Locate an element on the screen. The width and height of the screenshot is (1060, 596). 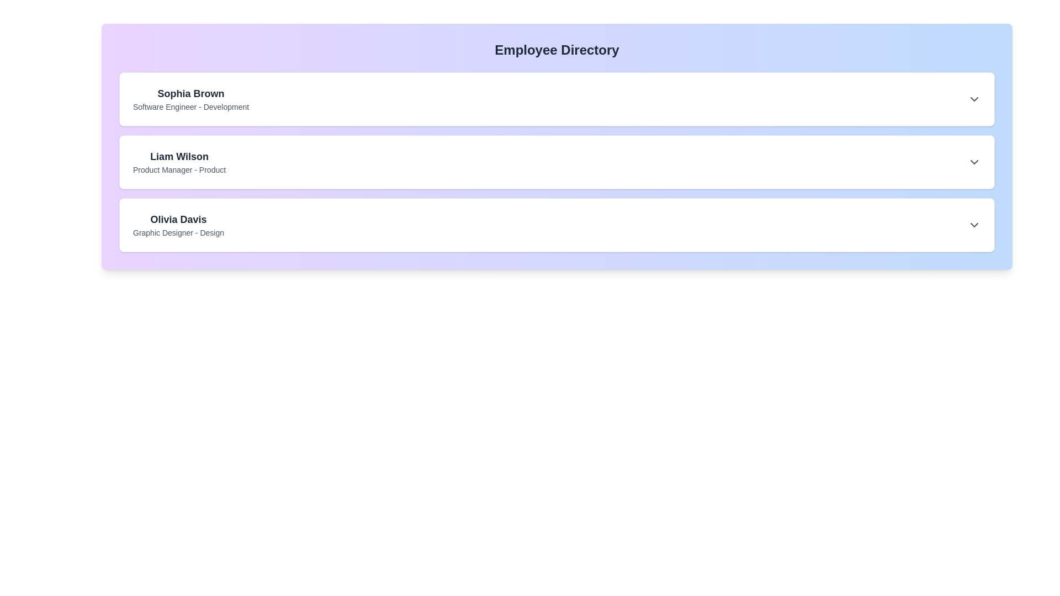
text label displaying the job title and department of 'Liam Wilson' located within the second card of the 'Employee Directory.' is located at coordinates (179, 170).